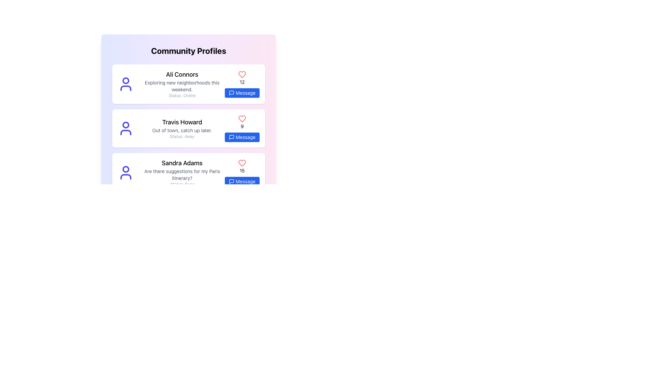  Describe the element at coordinates (242, 83) in the screenshot. I see `the red heart icon in the statistic display for Ali Connors` at that location.